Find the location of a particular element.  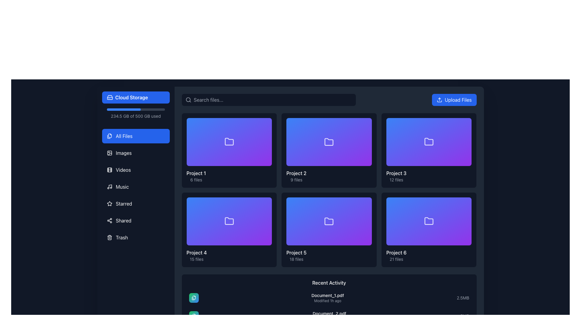

the 'Videos' label in the left sidebar, which is positioned below the 'Images' label and above the 'Music' label, featuring a film strip icon next to the text is located at coordinates (123, 170).